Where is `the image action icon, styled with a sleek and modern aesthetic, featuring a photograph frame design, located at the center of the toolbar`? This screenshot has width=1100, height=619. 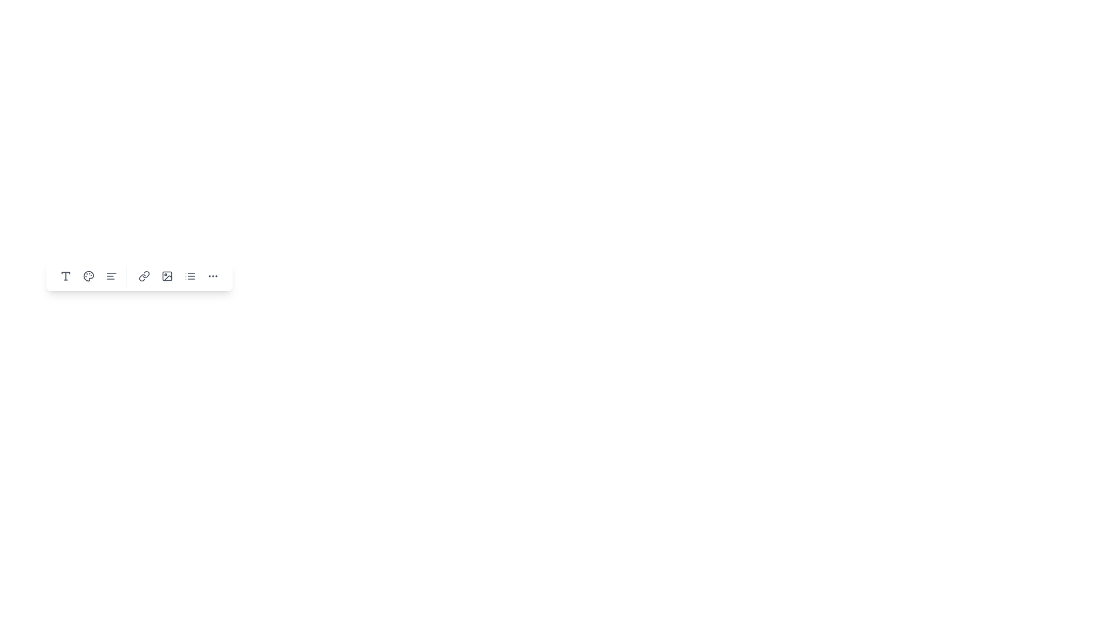 the image action icon, styled with a sleek and modern aesthetic, featuring a photograph frame design, located at the center of the toolbar is located at coordinates (167, 276).